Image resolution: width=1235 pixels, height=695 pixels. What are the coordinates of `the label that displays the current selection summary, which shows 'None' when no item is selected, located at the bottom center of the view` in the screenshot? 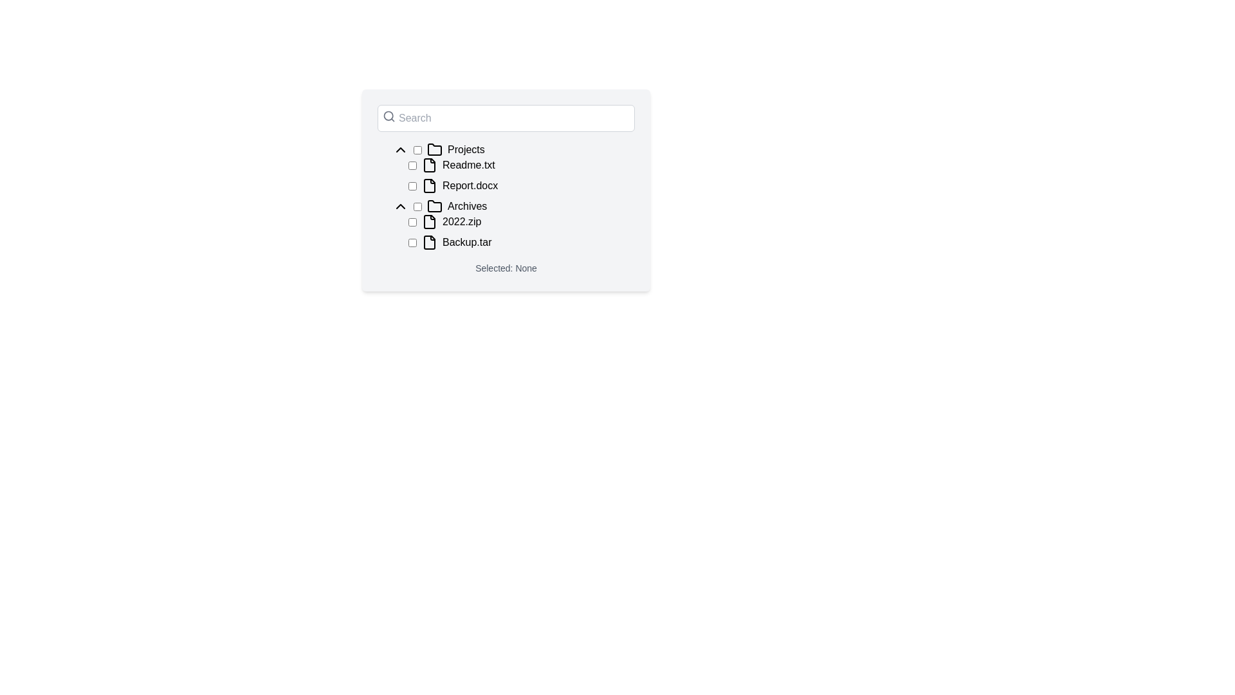 It's located at (506, 267).